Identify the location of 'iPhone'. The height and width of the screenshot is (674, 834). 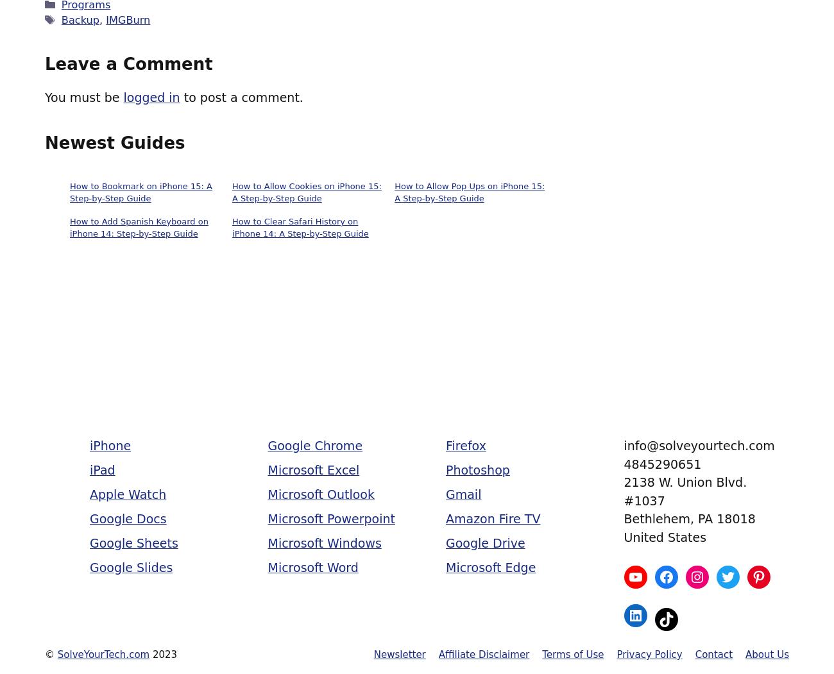
(110, 445).